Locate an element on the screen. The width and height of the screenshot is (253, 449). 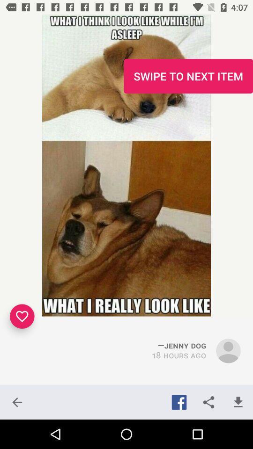
to favorite is located at coordinates (22, 316).